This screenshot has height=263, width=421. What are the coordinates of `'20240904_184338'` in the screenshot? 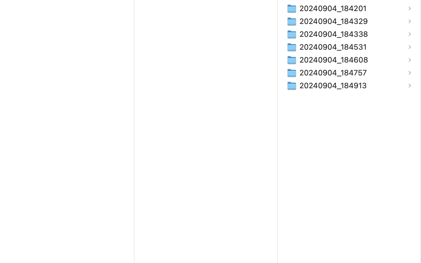 It's located at (335, 34).